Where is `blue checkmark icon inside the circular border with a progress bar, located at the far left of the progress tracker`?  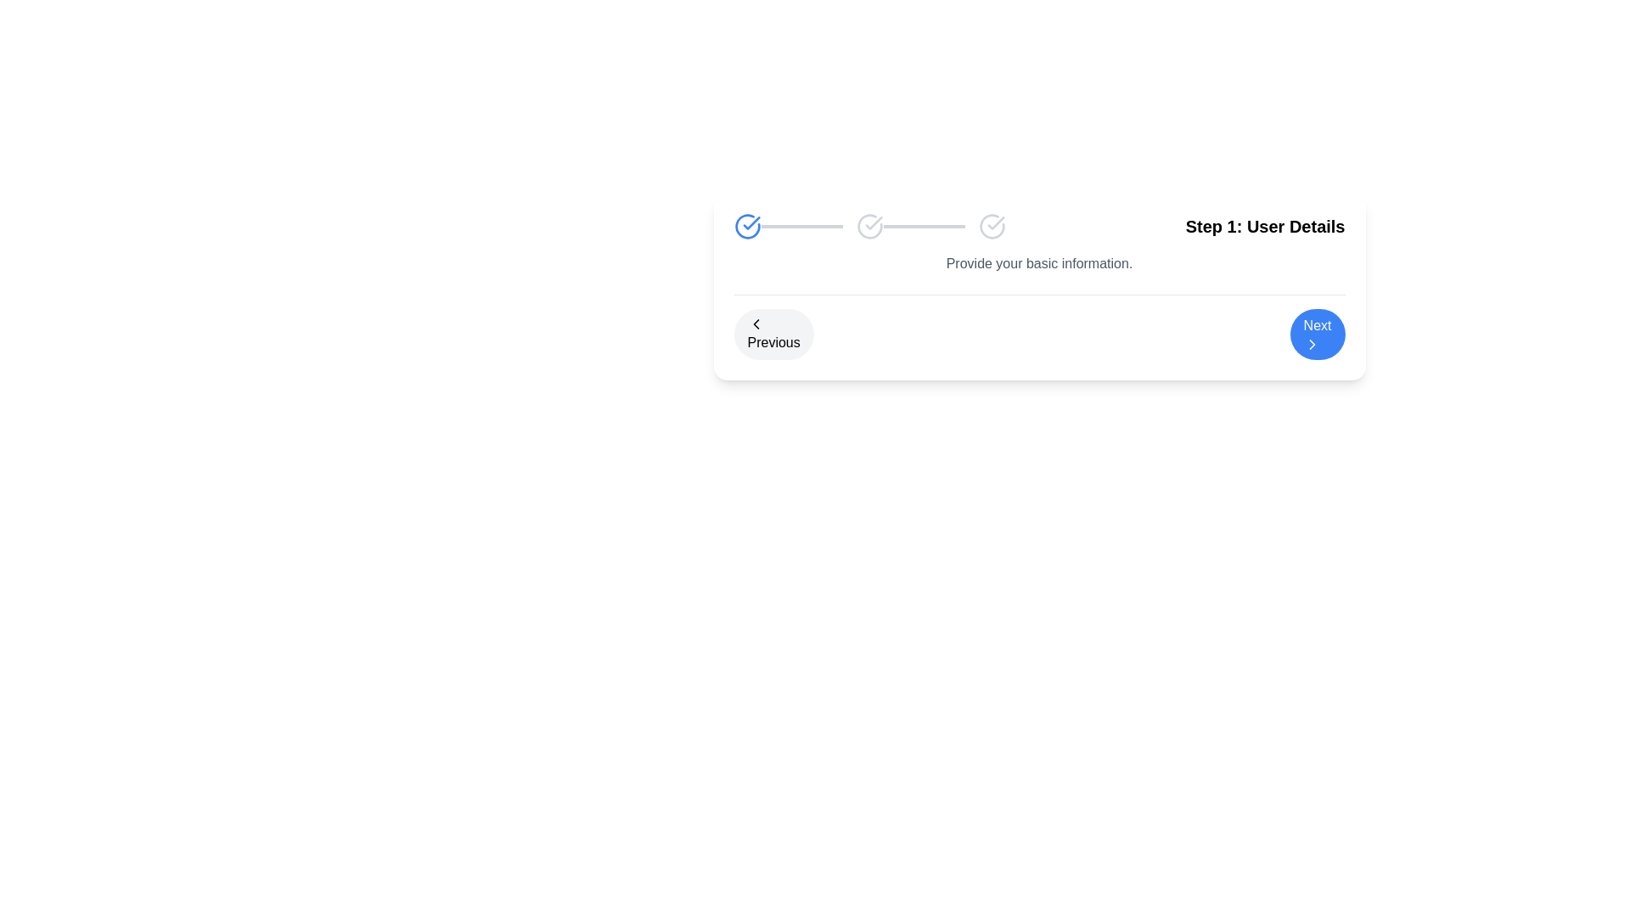 blue checkmark icon inside the circular border with a progress bar, located at the far left of the progress tracker is located at coordinates (787, 225).